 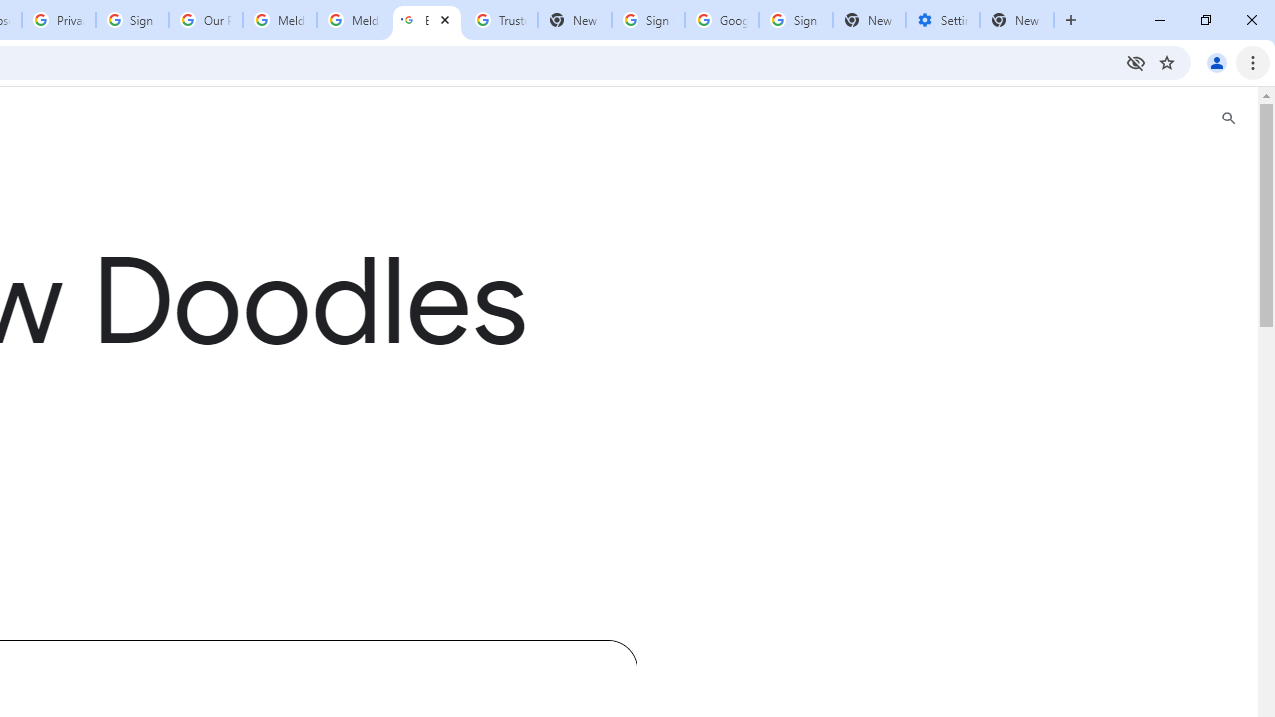 What do you see at coordinates (869, 20) in the screenshot?
I see `'New Tab'` at bounding box center [869, 20].